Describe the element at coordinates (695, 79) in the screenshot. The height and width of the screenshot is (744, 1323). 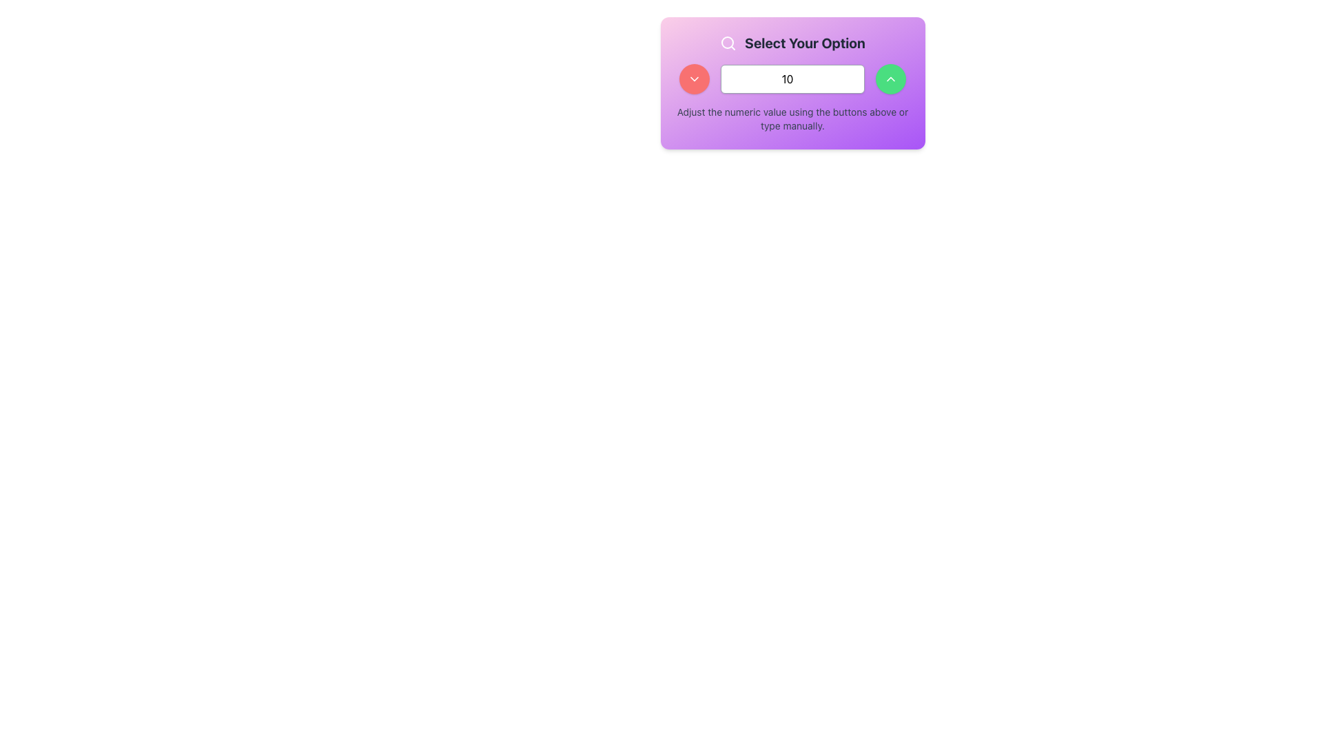
I see `the red circular button with a downward-facing chevron icon to observe the hover effect` at that location.